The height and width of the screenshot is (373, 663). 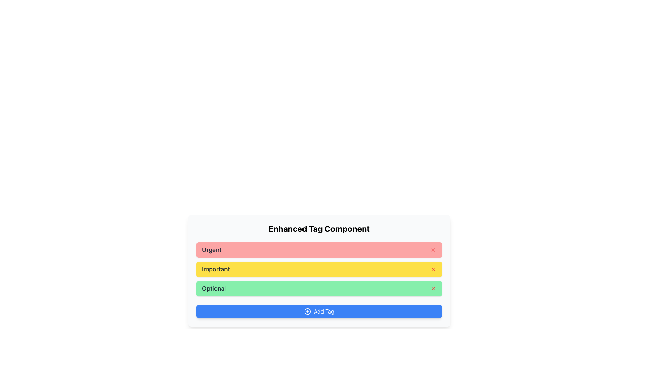 I want to click on the 'Add Tag' button by clicking on the circular outline of the plus symbol to add a tag, so click(x=307, y=312).